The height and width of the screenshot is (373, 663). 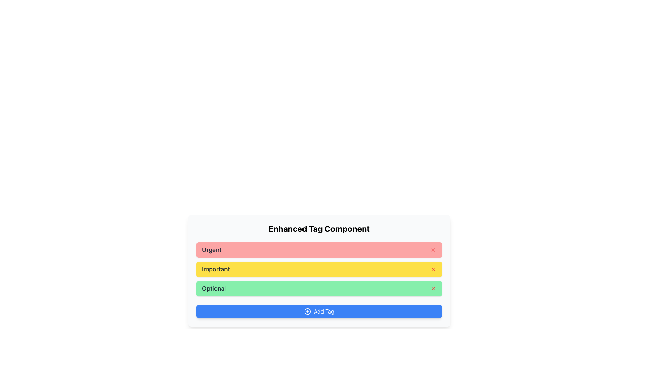 I want to click on the 'Add Tag' button by clicking on the circular outline of the plus symbol to add a tag, so click(x=307, y=312).